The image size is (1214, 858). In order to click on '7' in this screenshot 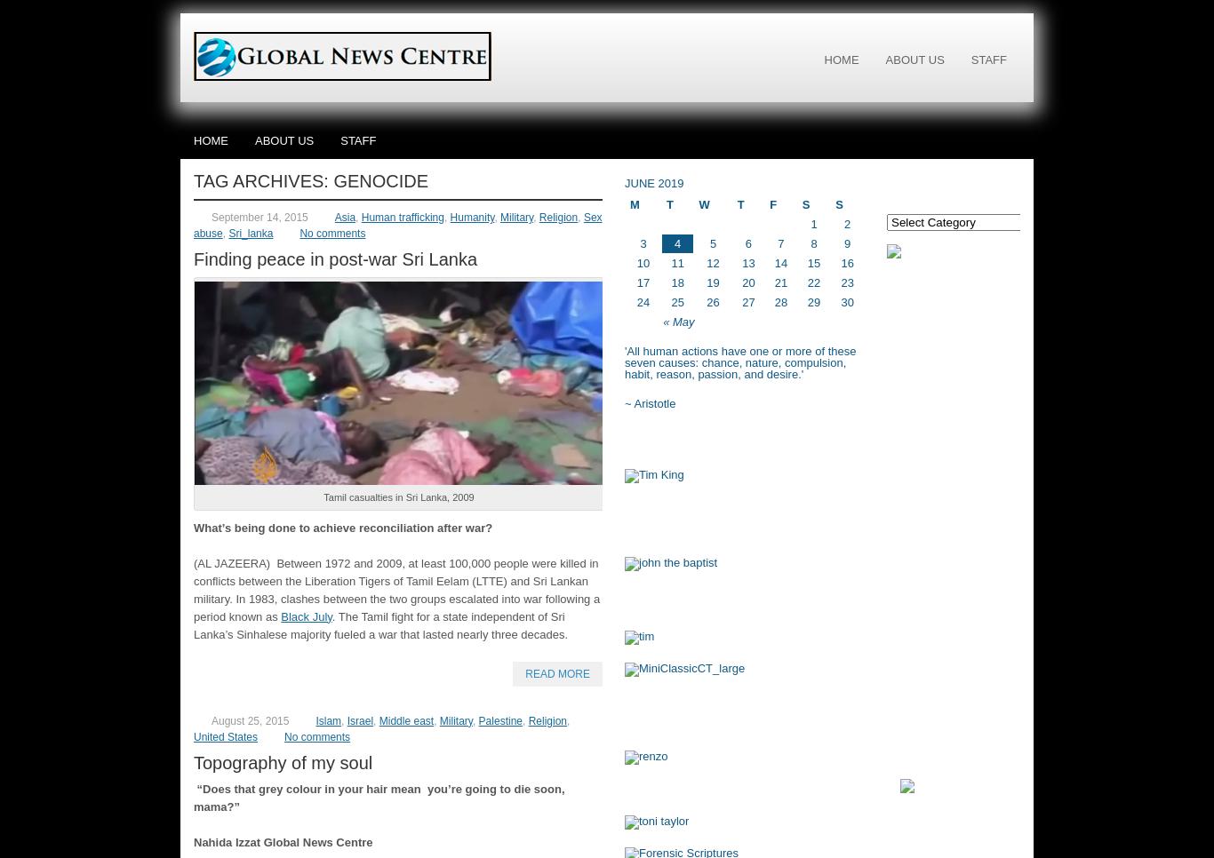, I will do `click(779, 243)`.